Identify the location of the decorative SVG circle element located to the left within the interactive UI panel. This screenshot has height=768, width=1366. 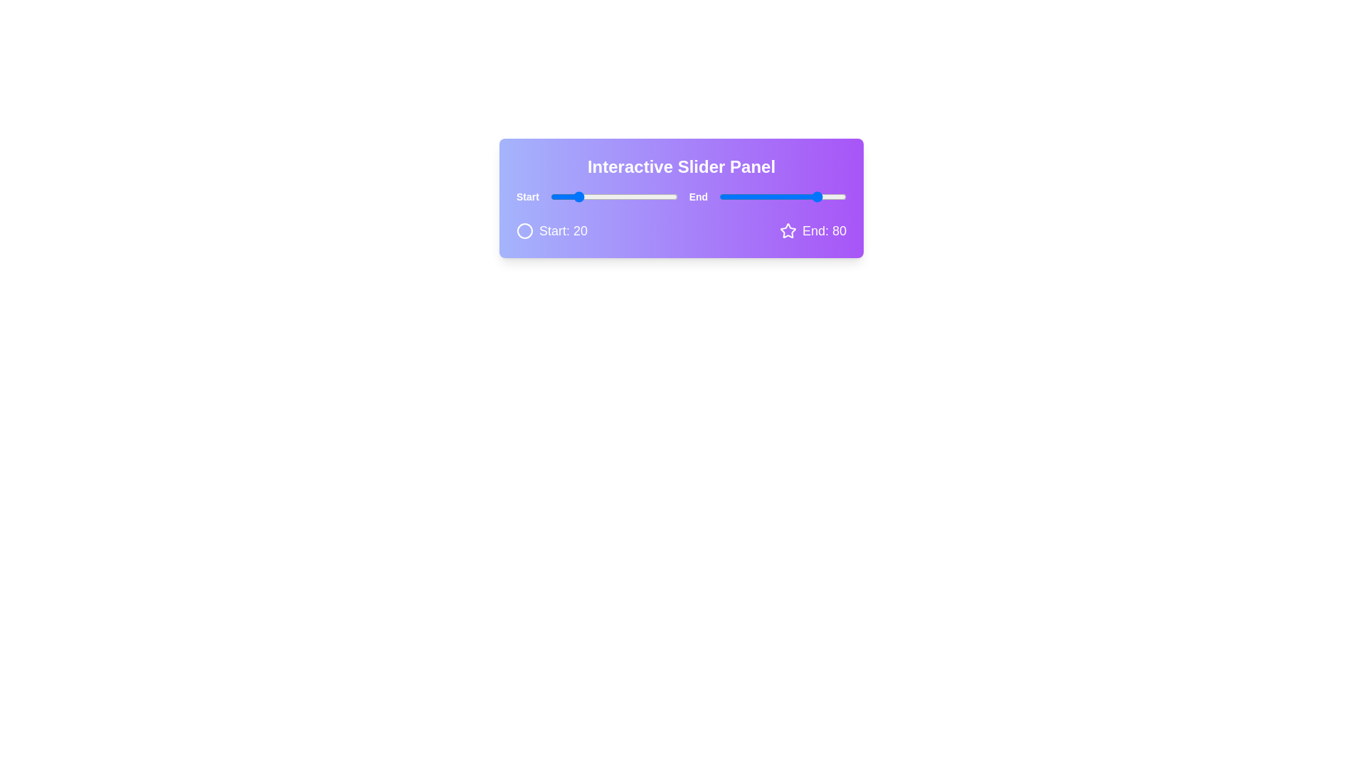
(524, 230).